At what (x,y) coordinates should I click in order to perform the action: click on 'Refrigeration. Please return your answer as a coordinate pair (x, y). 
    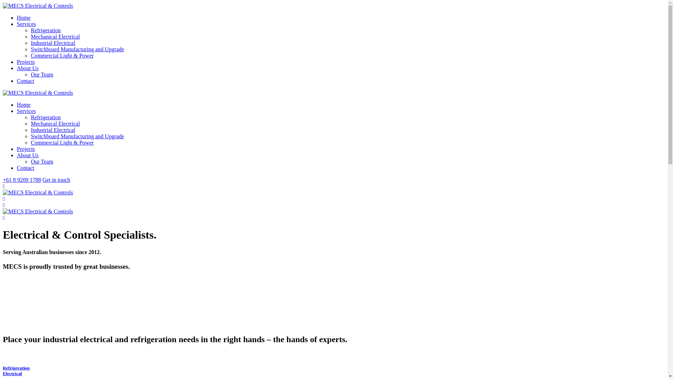
    Looking at the image, I should click on (3, 370).